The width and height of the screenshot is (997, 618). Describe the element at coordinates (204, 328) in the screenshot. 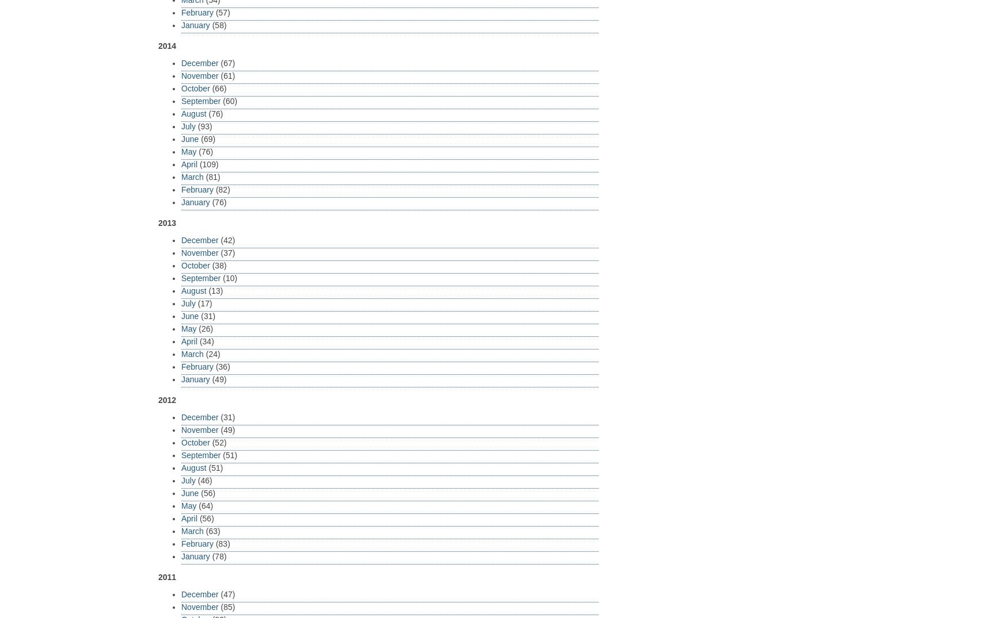

I see `'(26)'` at that location.